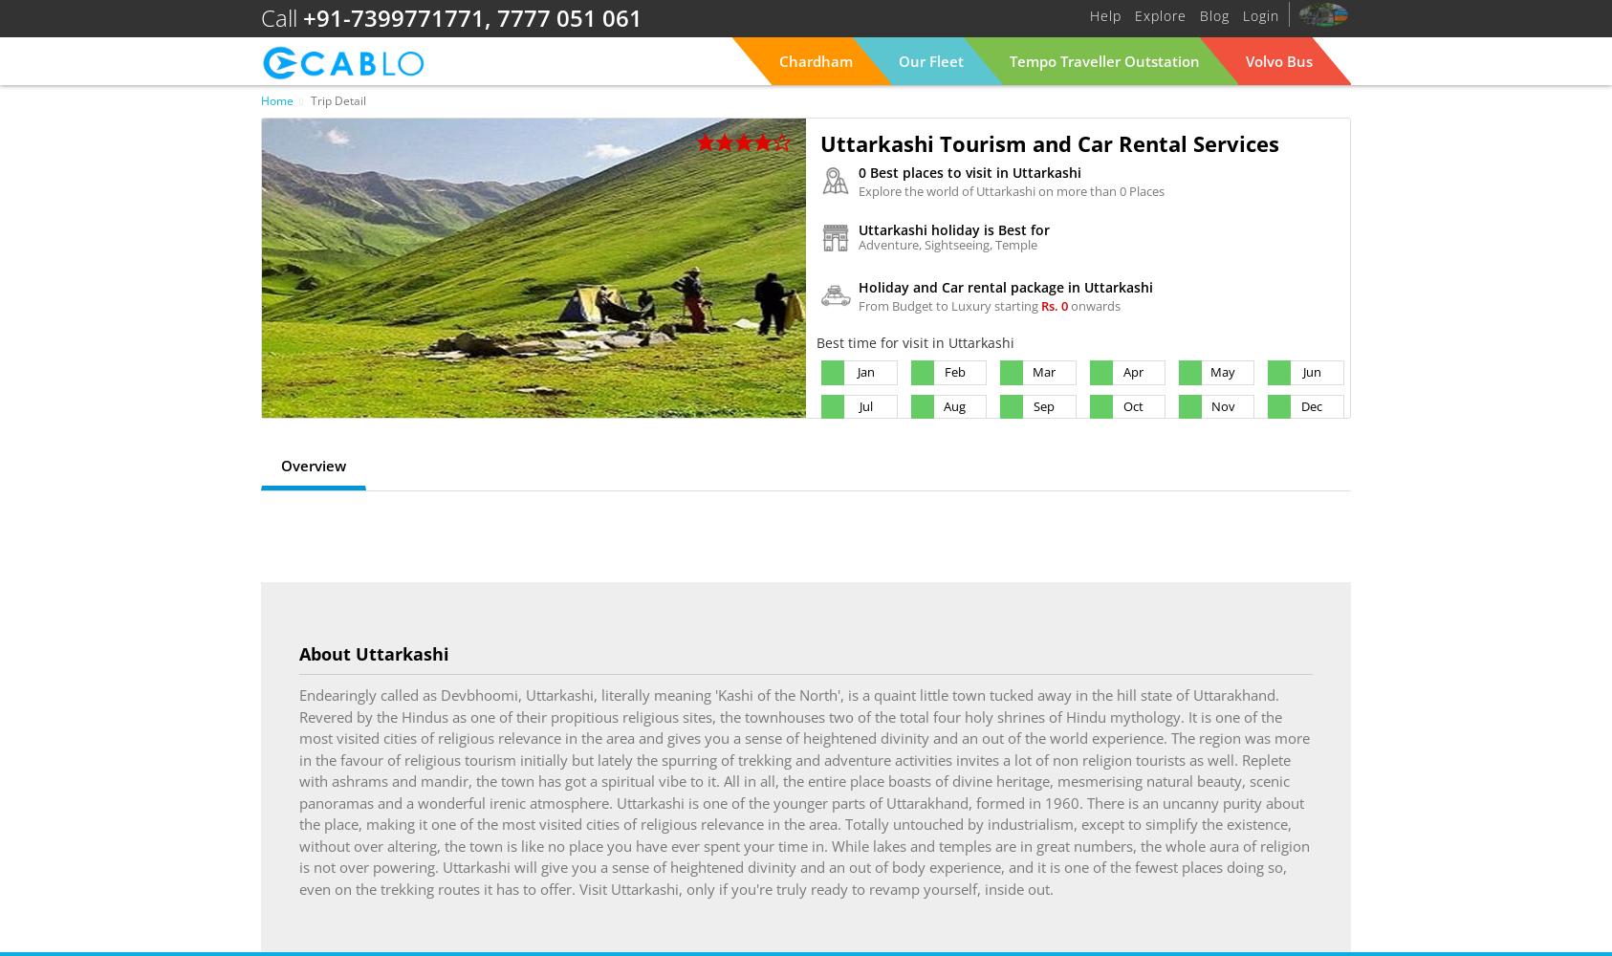  What do you see at coordinates (260, 16) in the screenshot?
I see `'Call'` at bounding box center [260, 16].